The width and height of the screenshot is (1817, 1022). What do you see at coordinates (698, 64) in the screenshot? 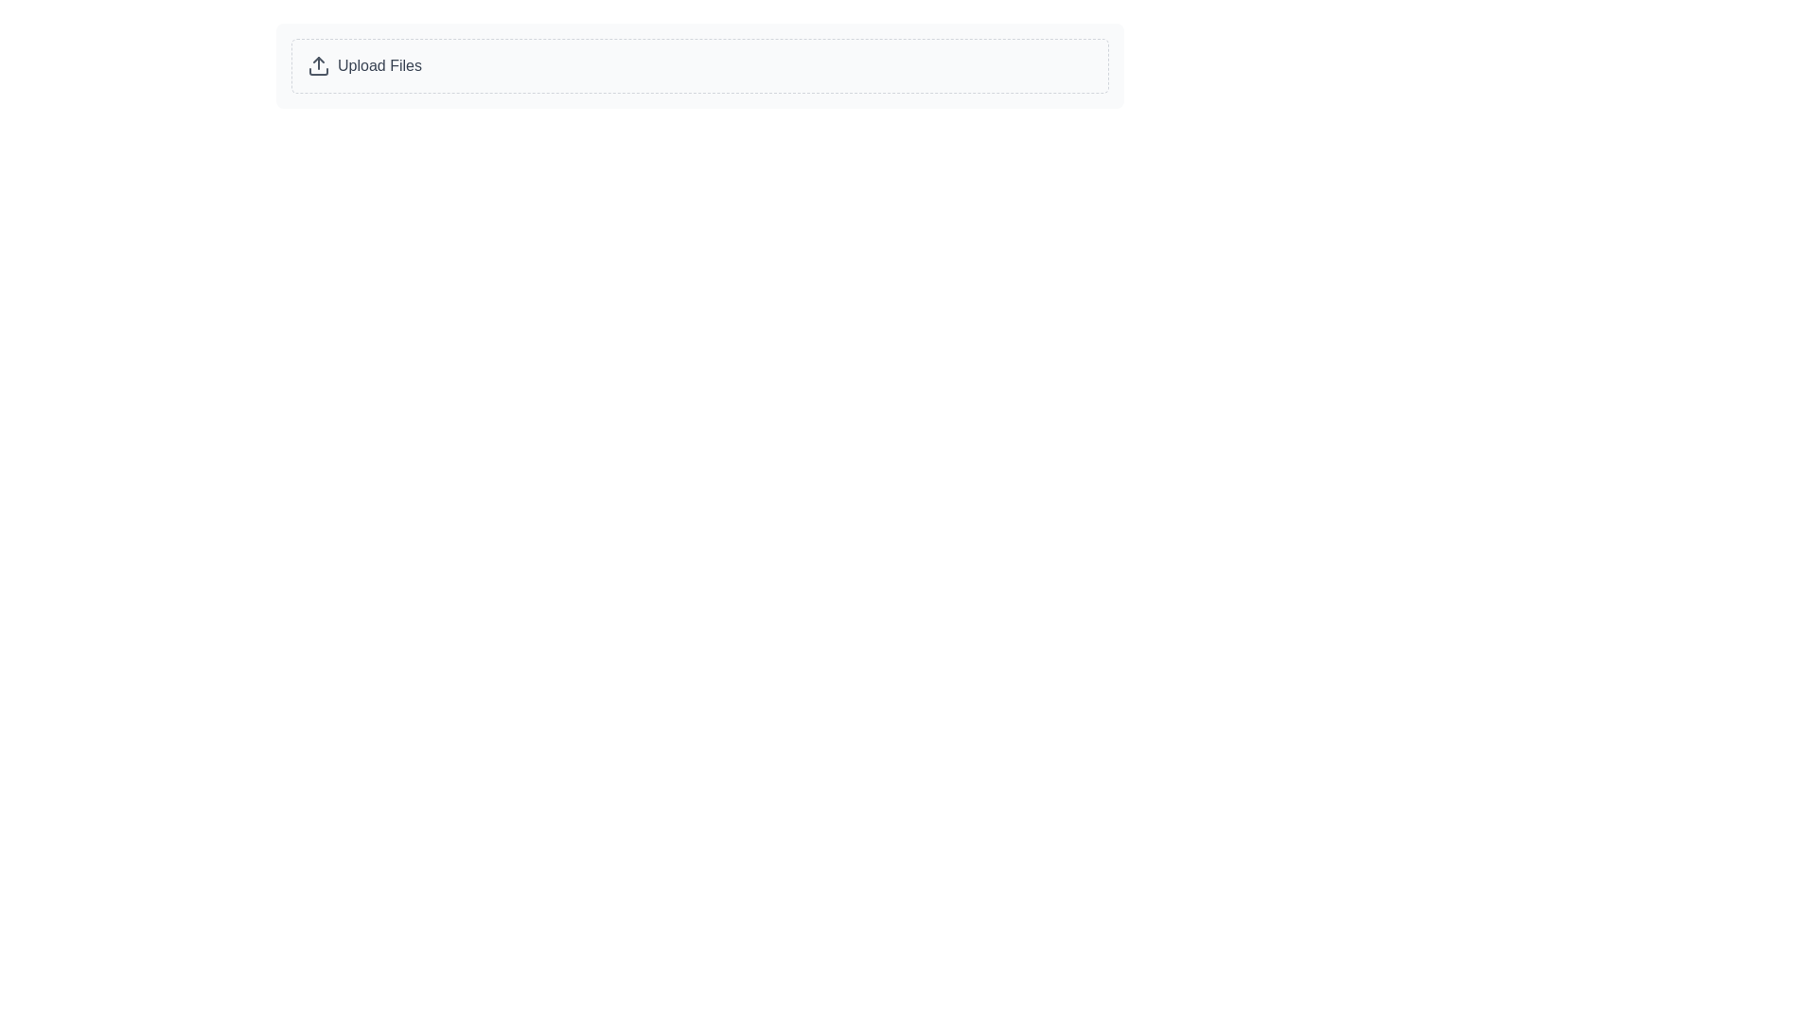
I see `the file upload button located at the top left of its group to trigger hover effects` at bounding box center [698, 64].